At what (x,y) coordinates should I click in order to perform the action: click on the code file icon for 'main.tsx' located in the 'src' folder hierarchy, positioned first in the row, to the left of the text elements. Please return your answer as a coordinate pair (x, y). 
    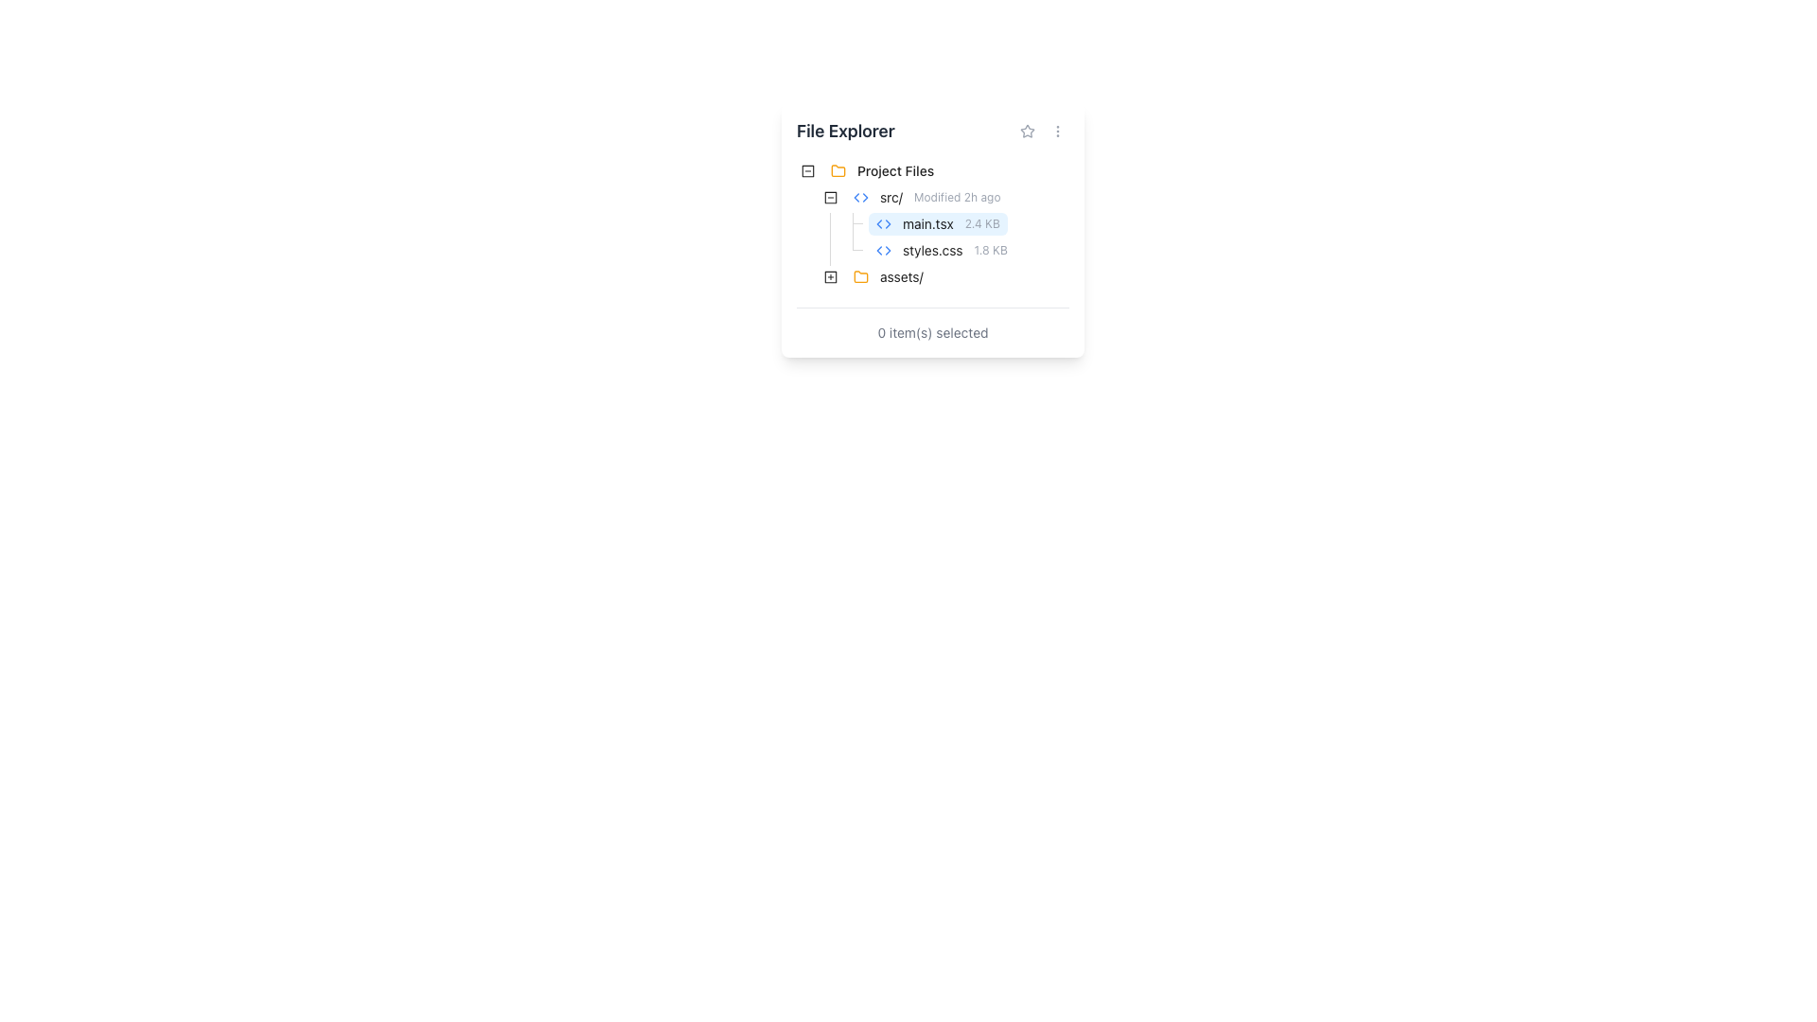
    Looking at the image, I should click on (883, 222).